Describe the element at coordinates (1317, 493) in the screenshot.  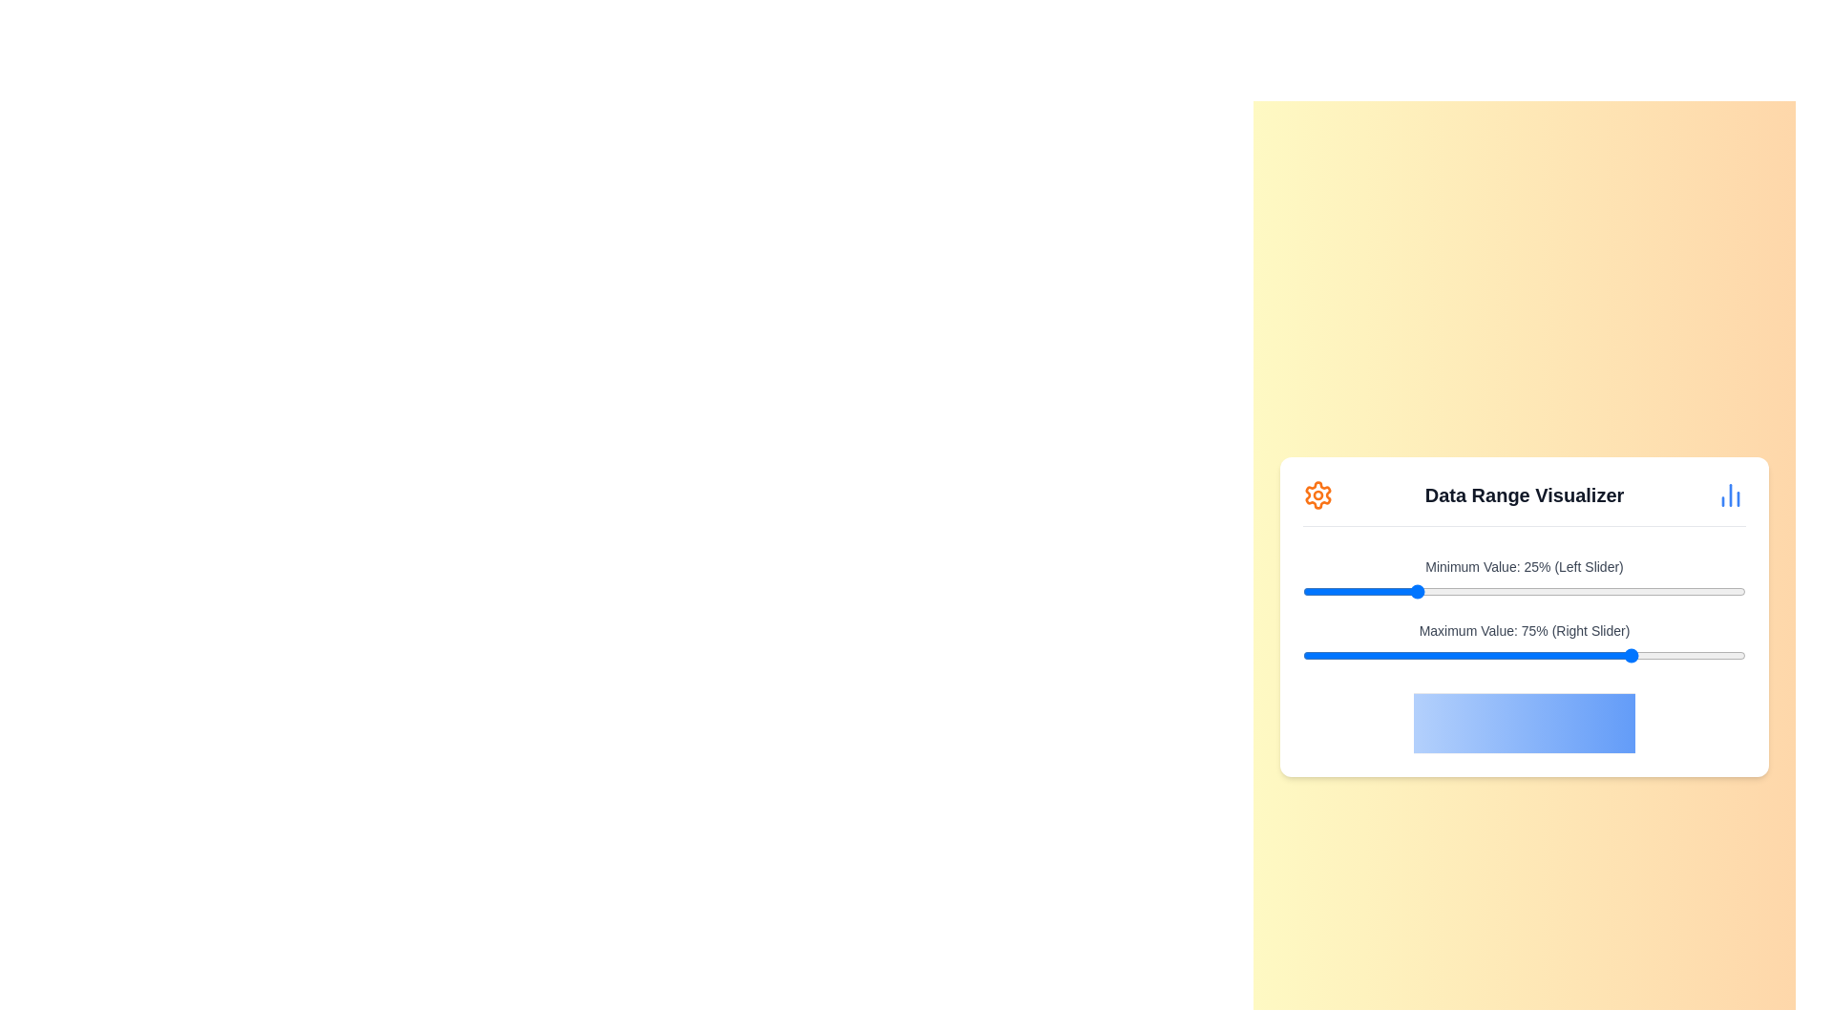
I see `the settings icon button located at the top-left of the 'Data Range Visualizer' section, which is the left-most element in this row` at that location.